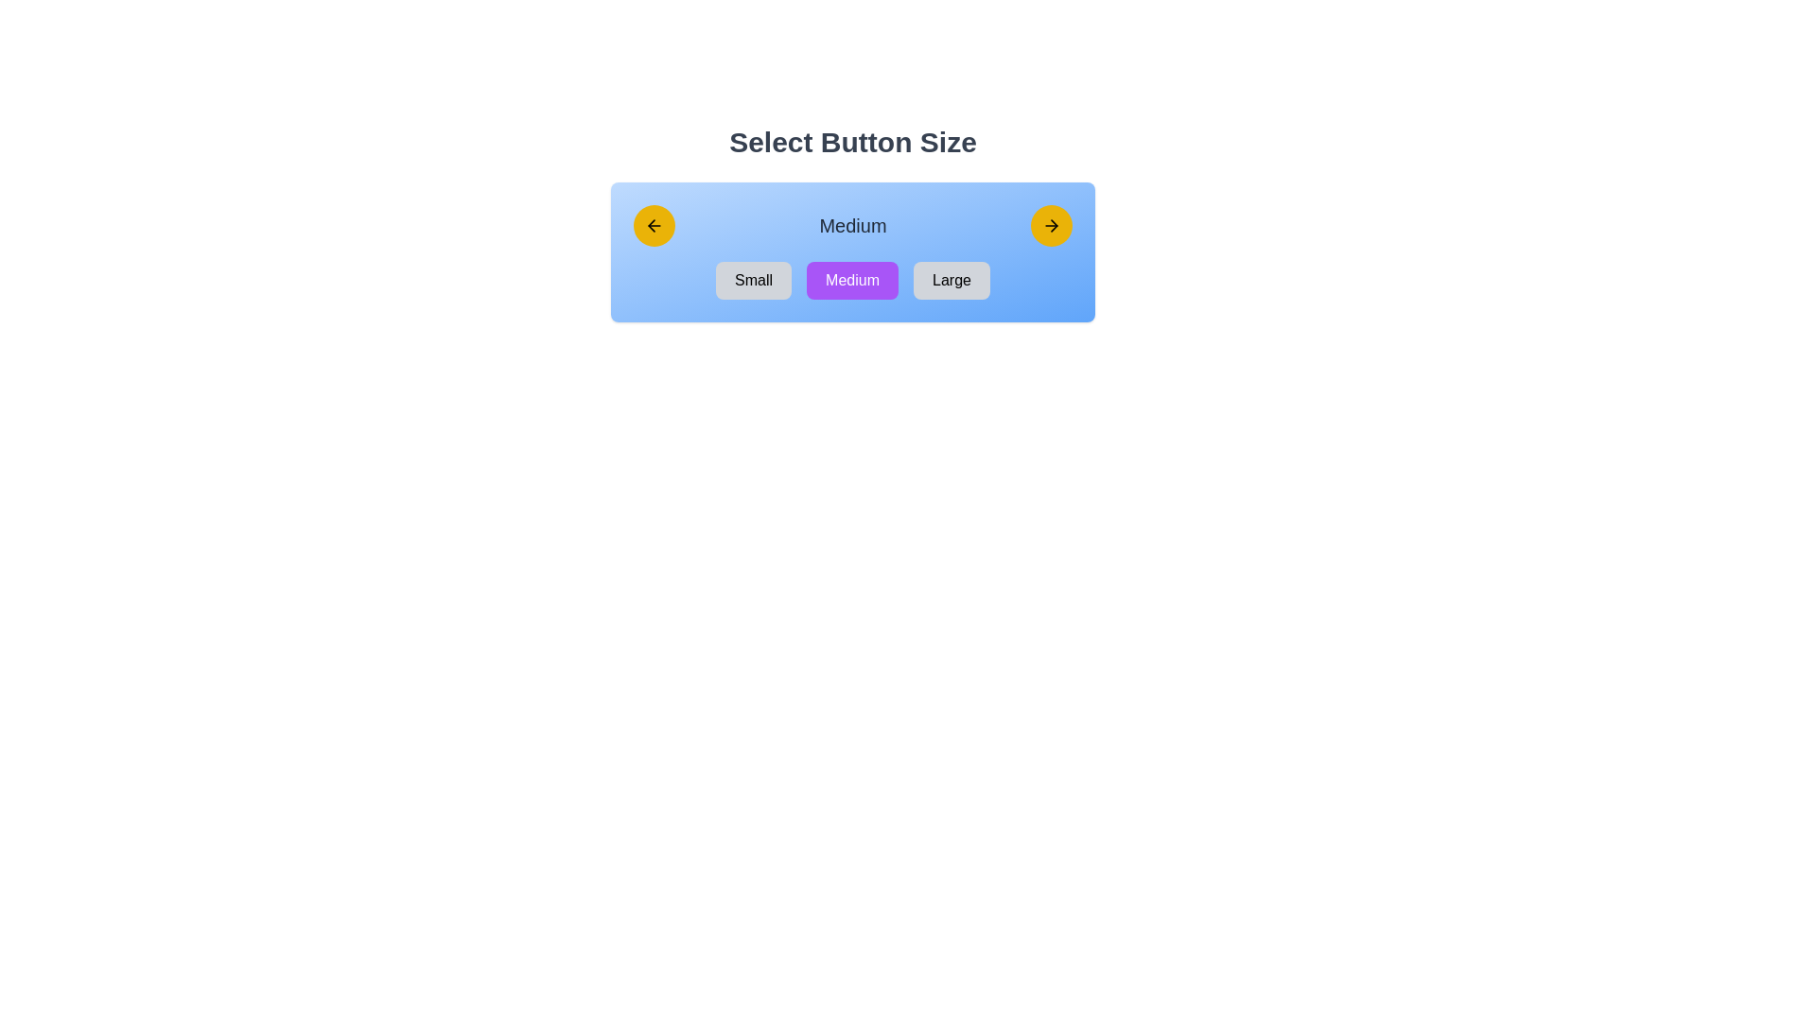 This screenshot has width=1816, height=1021. Describe the element at coordinates (851, 281) in the screenshot. I see `the 'Medium' button located between the 'Small' and 'Large' buttons in the size selection section` at that location.